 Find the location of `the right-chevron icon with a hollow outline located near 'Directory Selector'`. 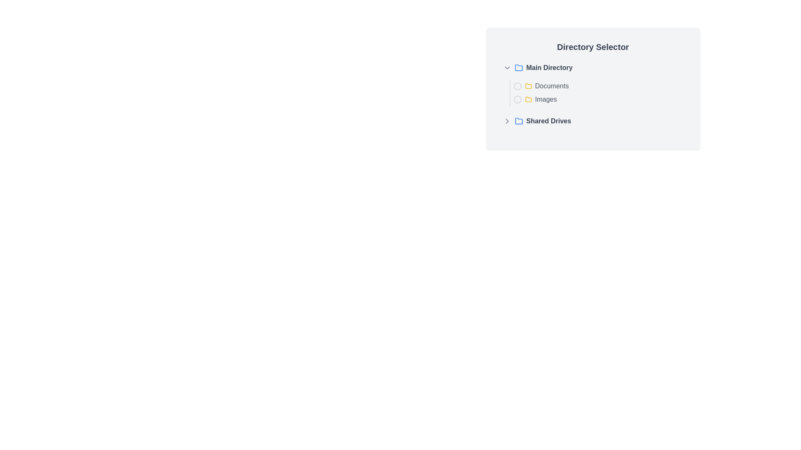

the right-chevron icon with a hollow outline located near 'Directory Selector' is located at coordinates (506, 121).